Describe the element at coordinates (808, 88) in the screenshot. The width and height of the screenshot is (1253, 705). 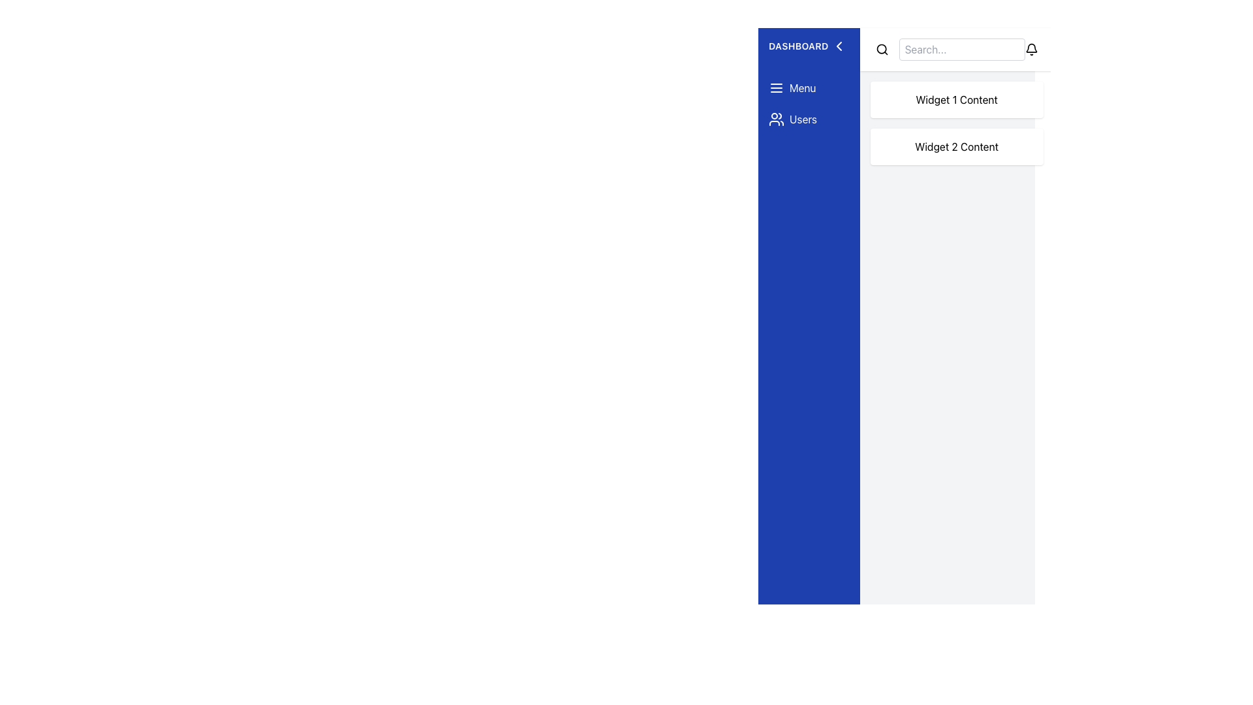
I see `the Navigation Link element that consists of a horizontal list icon and the text 'Menu', which is styled with a blue background and white text, to receive visual feedback` at that location.